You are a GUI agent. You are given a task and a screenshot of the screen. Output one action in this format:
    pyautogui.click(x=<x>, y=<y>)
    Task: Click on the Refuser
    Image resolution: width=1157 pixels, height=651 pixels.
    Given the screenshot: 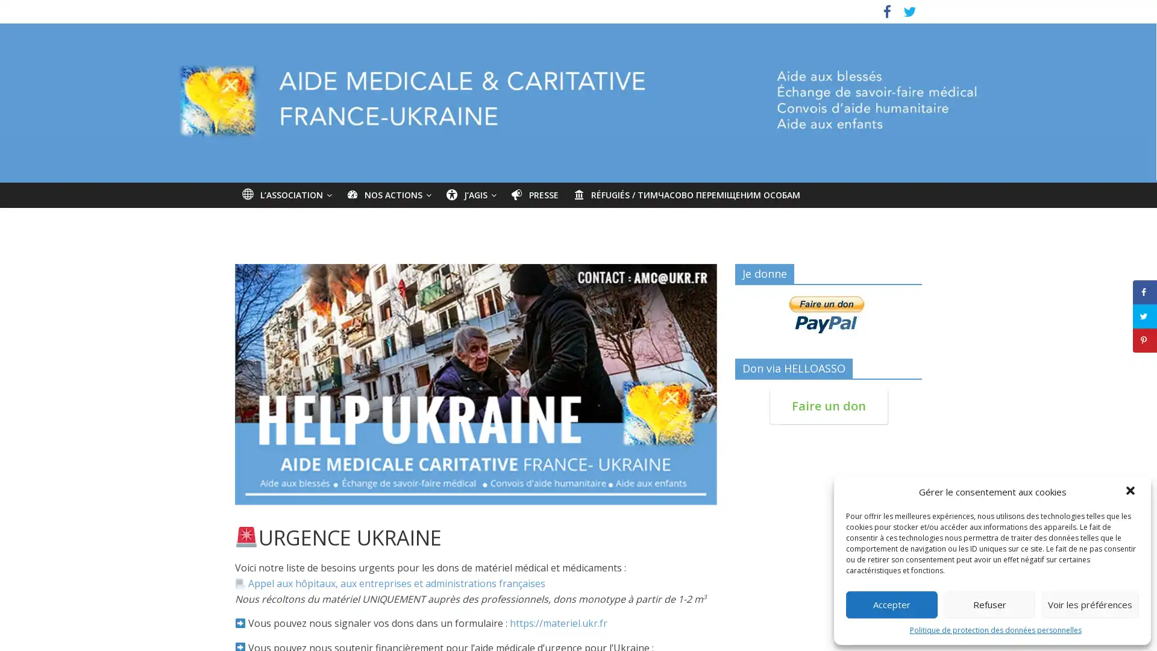 What is the action you would take?
    pyautogui.click(x=989, y=604)
    